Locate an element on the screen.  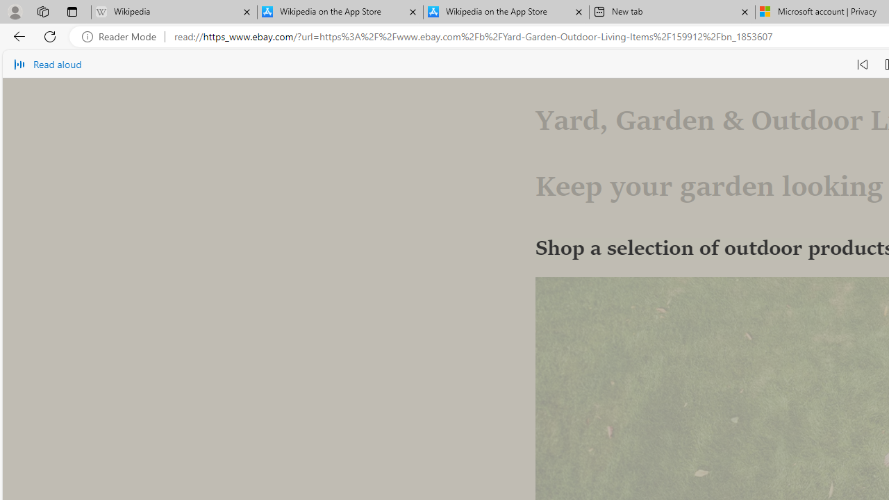
'Reader Mode' is located at coordinates (123, 36).